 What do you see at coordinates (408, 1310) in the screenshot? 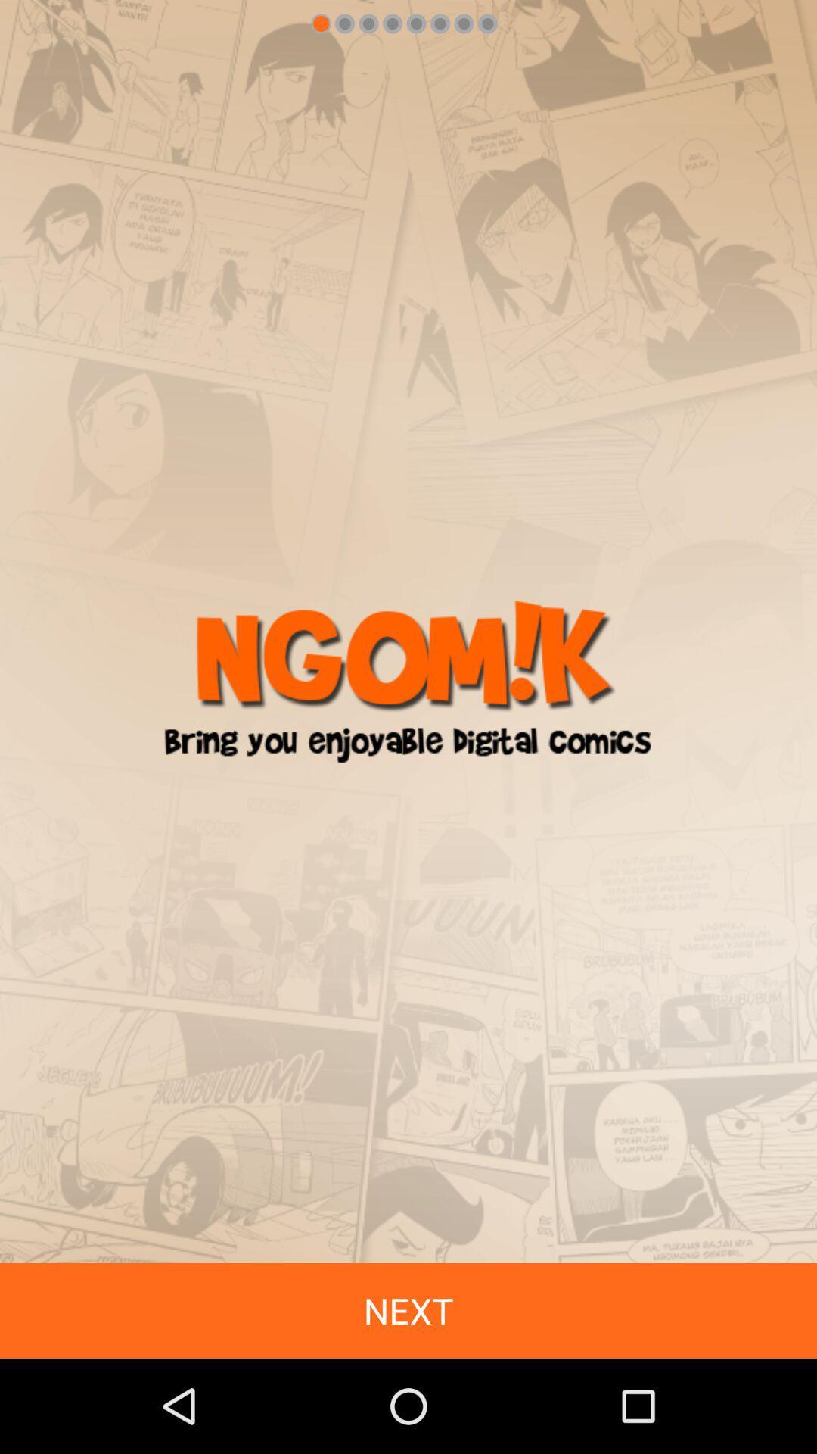
I see `the next item` at bounding box center [408, 1310].